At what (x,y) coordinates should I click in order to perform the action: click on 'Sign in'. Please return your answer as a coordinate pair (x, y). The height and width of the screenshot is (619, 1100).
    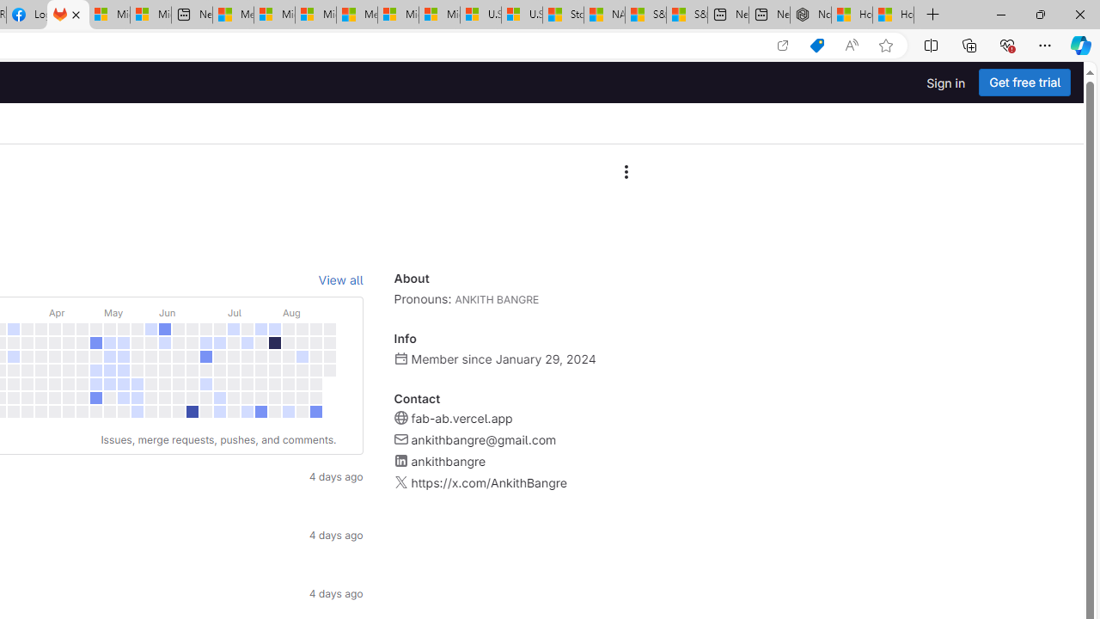
    Looking at the image, I should click on (944, 83).